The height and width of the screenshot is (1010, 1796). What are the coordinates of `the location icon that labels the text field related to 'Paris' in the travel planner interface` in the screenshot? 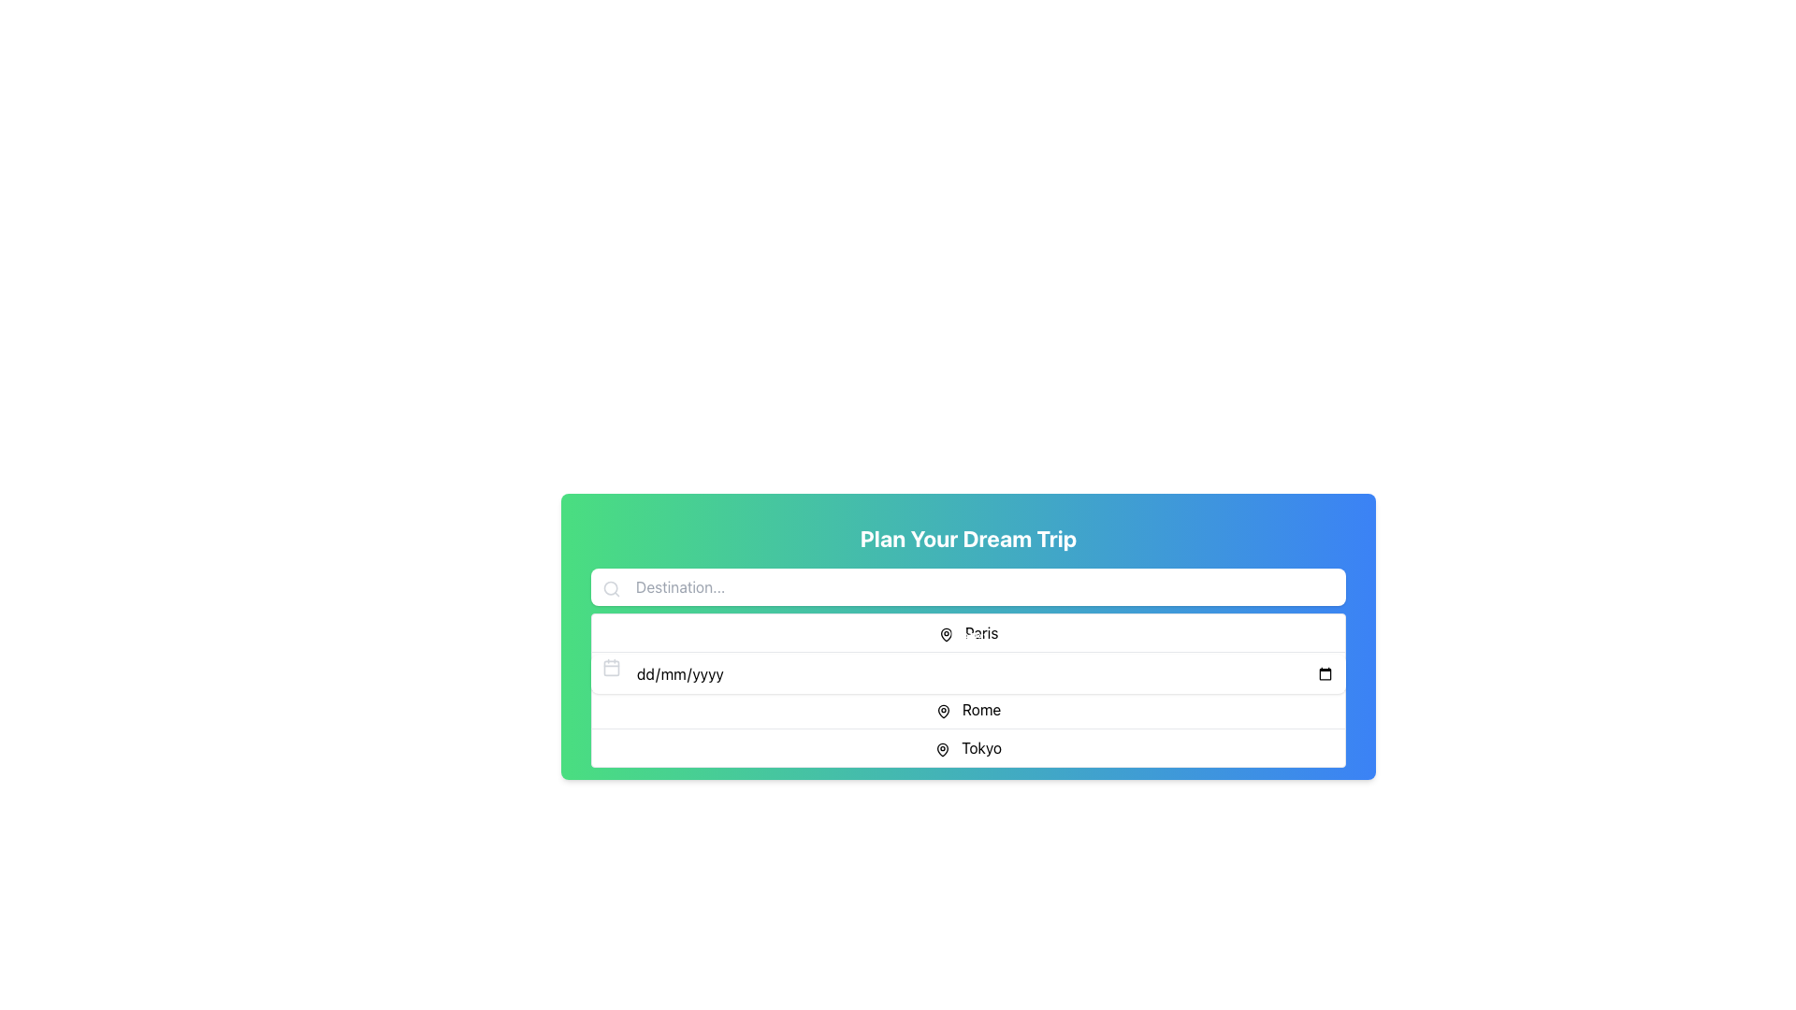 It's located at (946, 633).